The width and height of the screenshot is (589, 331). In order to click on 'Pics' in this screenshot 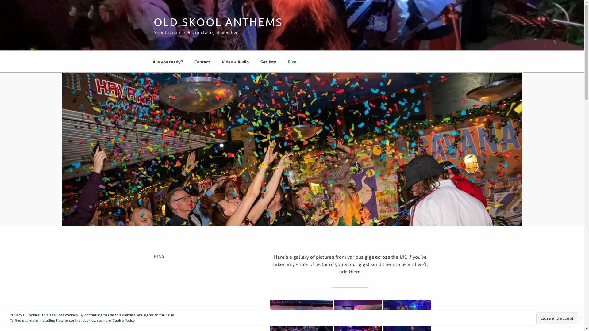, I will do `click(291, 61)`.